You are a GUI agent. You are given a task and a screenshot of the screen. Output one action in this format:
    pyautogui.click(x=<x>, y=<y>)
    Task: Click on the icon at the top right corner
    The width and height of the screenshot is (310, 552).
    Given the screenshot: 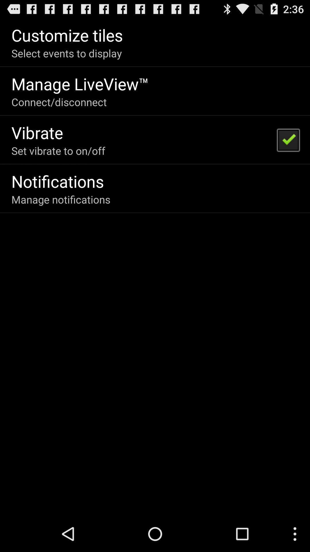 What is the action you would take?
    pyautogui.click(x=288, y=139)
    